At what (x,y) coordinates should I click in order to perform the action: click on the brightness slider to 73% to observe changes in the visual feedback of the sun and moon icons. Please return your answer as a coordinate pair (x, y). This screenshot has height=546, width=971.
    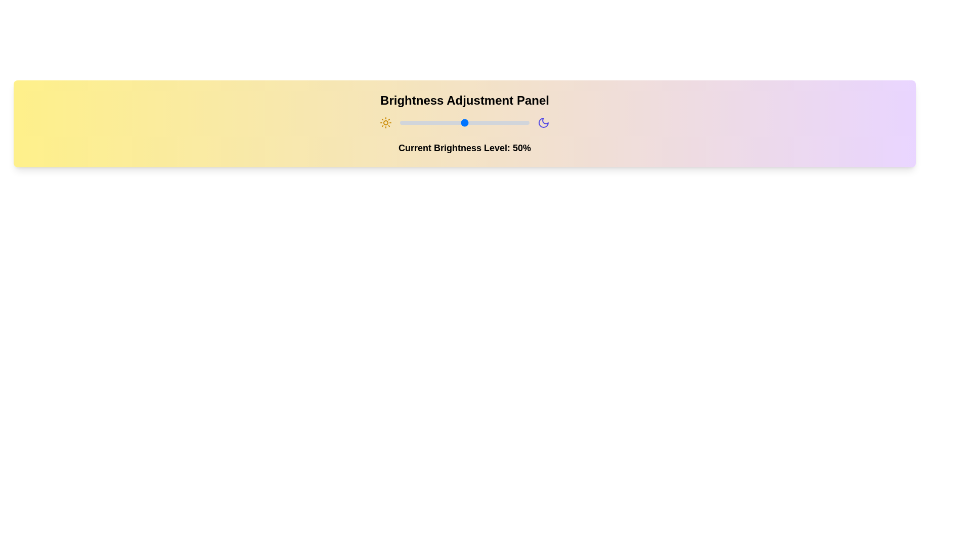
    Looking at the image, I should click on (494, 122).